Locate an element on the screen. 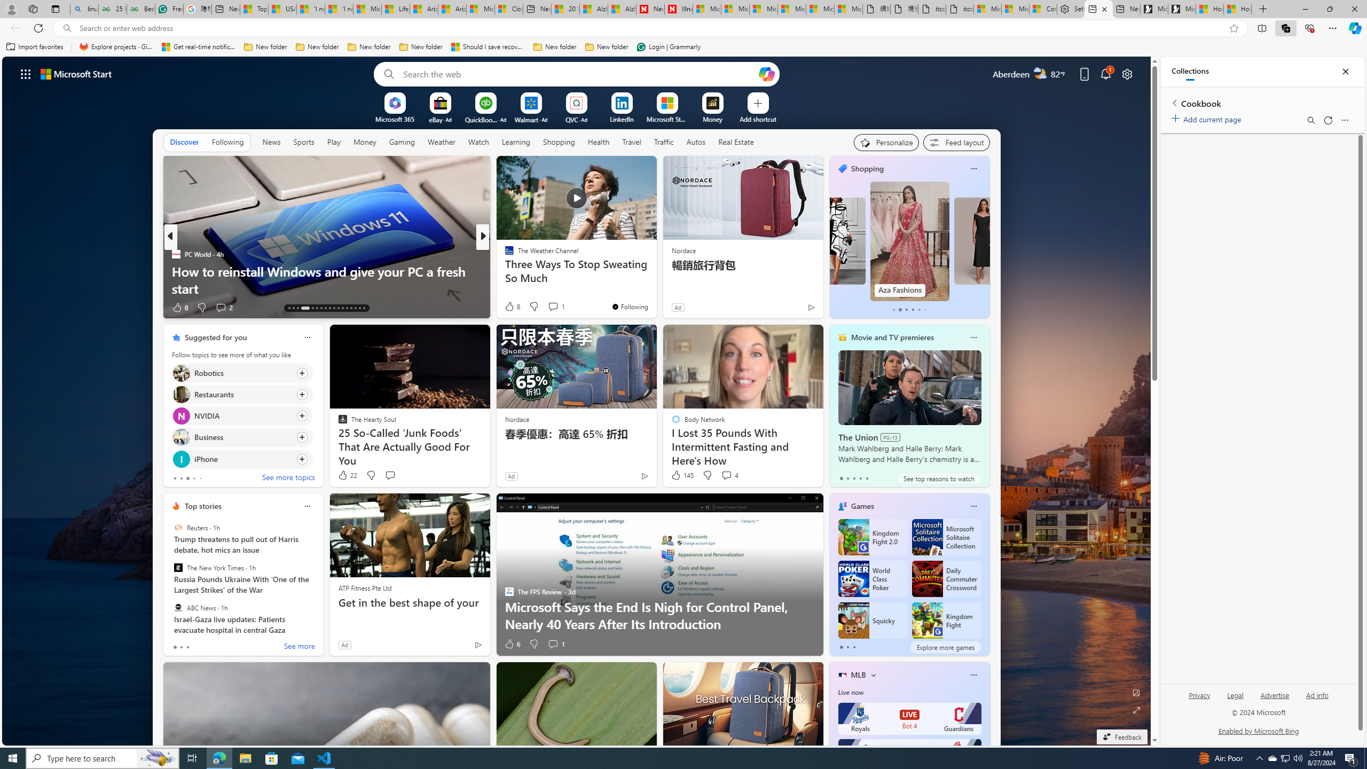 The height and width of the screenshot is (769, 1367). 'AutomationID: tab-22' is located at coordinates (333, 308).